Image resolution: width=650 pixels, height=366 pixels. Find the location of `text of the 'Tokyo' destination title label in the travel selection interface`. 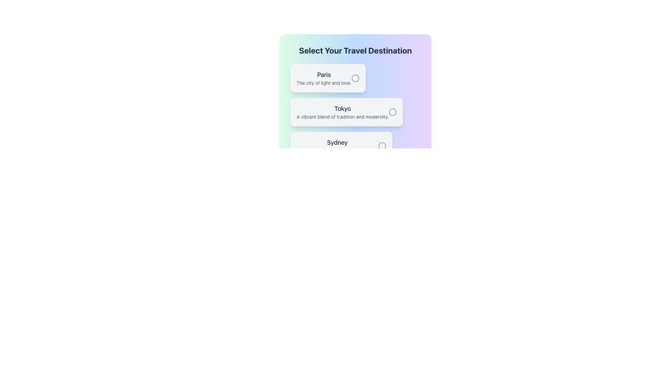

text of the 'Tokyo' destination title label in the travel selection interface is located at coordinates (343, 108).